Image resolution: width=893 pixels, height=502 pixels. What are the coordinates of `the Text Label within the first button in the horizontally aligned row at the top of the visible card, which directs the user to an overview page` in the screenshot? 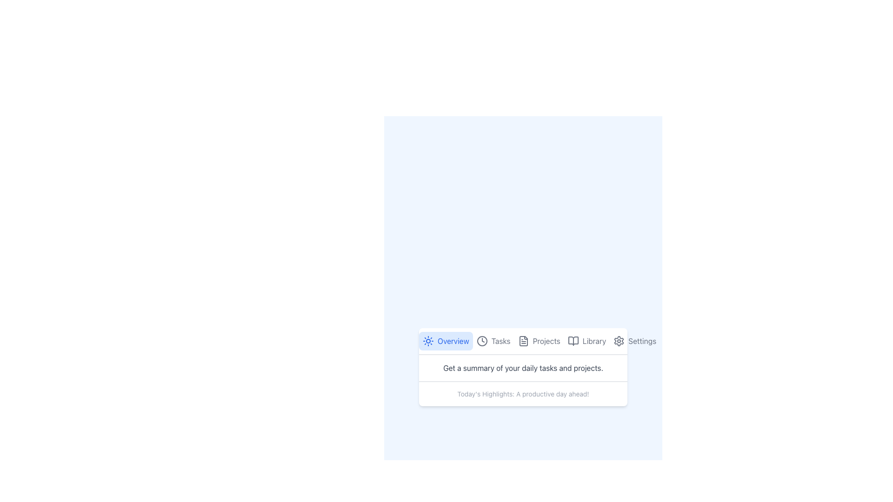 It's located at (453, 341).